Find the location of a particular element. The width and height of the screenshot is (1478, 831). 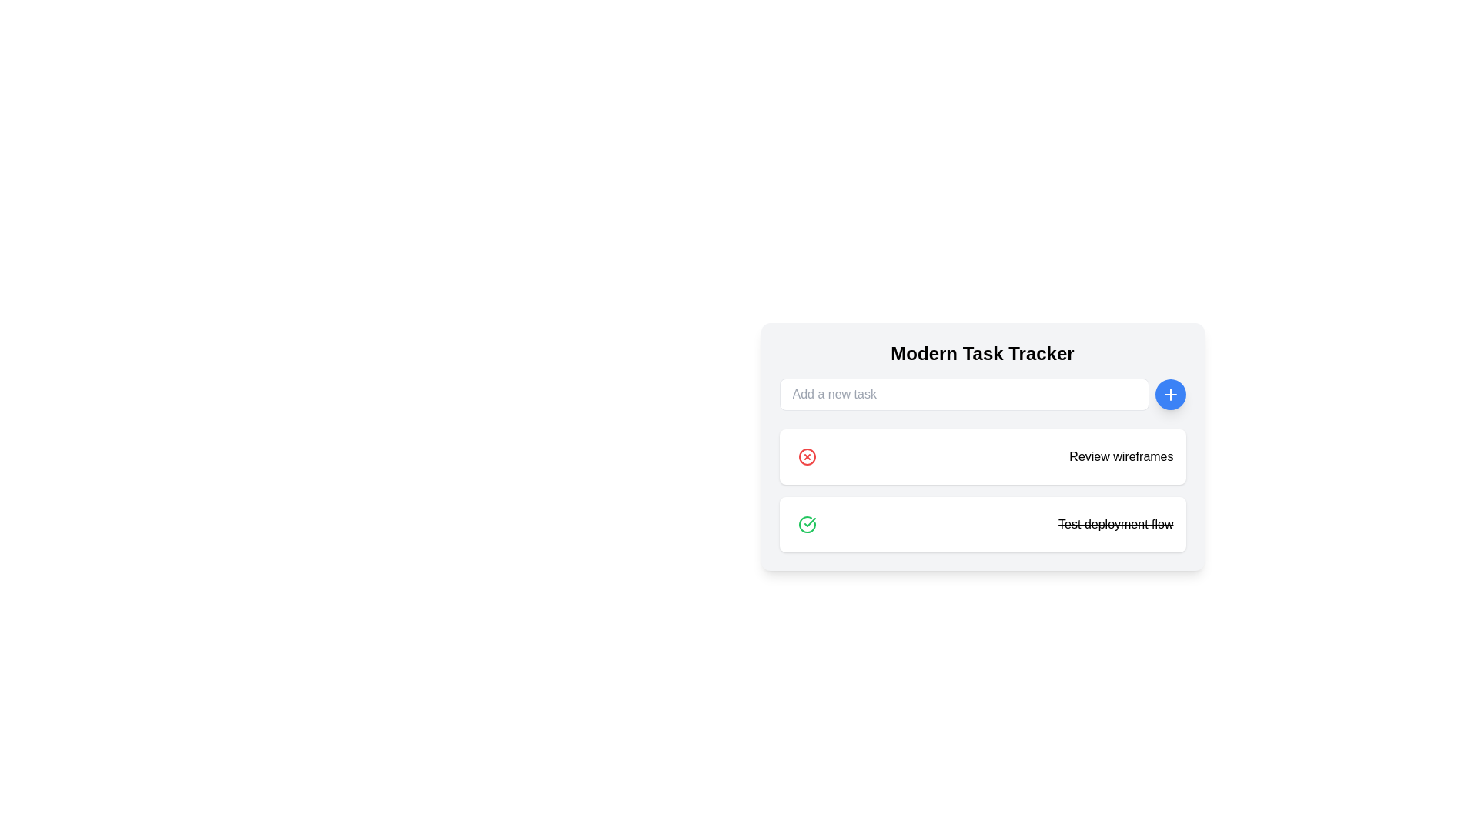

the green outlined circular icon with a checkmark inside, located within the task item below 'Review wireframes' and adjacent to 'Test deployment flow' is located at coordinates (806, 524).